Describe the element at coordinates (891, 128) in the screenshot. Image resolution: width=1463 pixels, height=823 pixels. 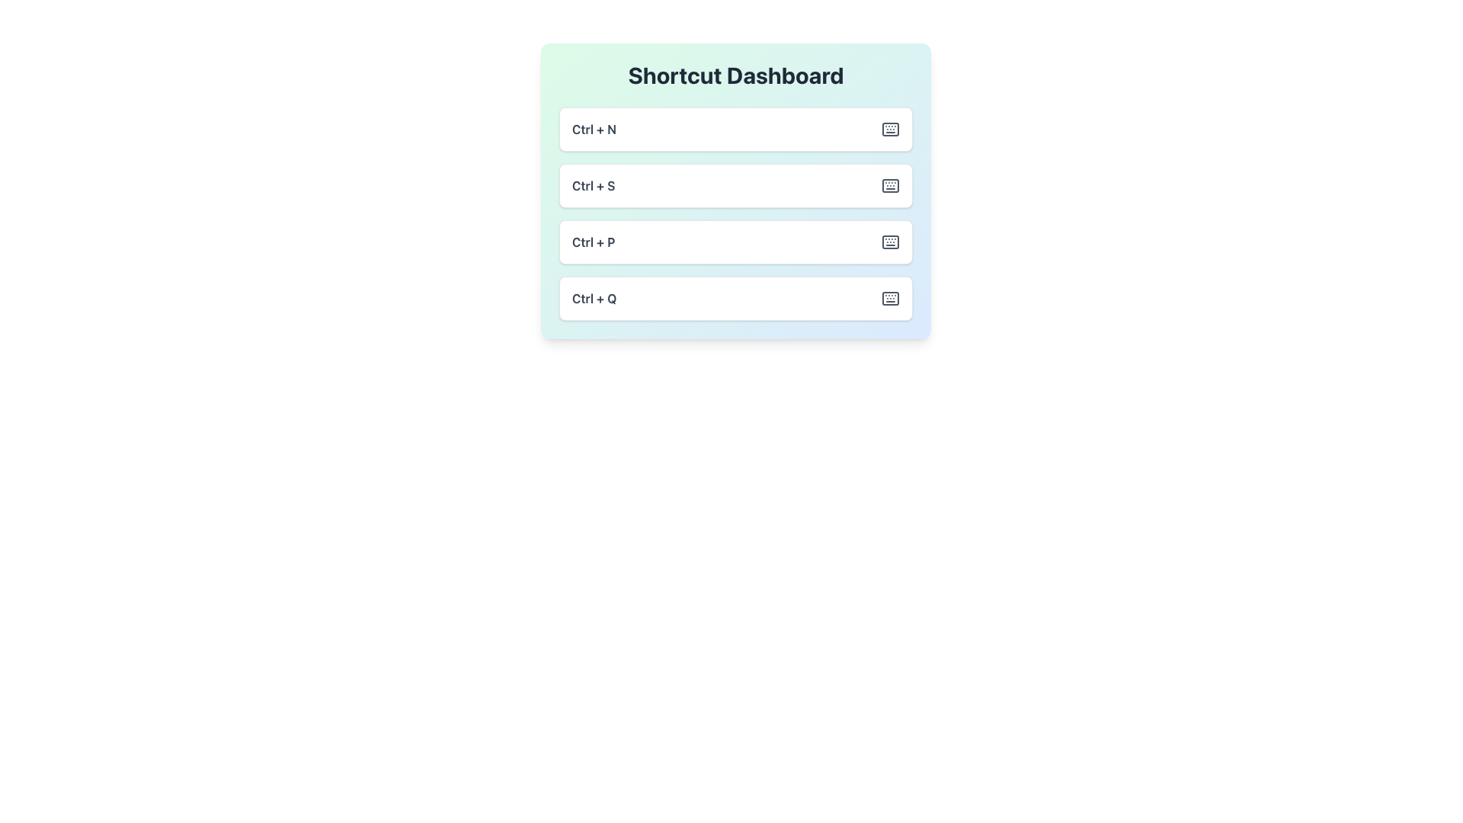
I see `the graphical icon component that resembles a rectangle with rounded corners, located in the first row of the shortcut dashboard list next to 'Ctrl + N'` at that location.